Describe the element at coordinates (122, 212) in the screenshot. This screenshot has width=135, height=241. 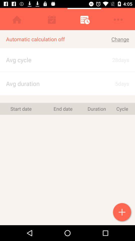
I see `the icon at the bottom right corner` at that location.